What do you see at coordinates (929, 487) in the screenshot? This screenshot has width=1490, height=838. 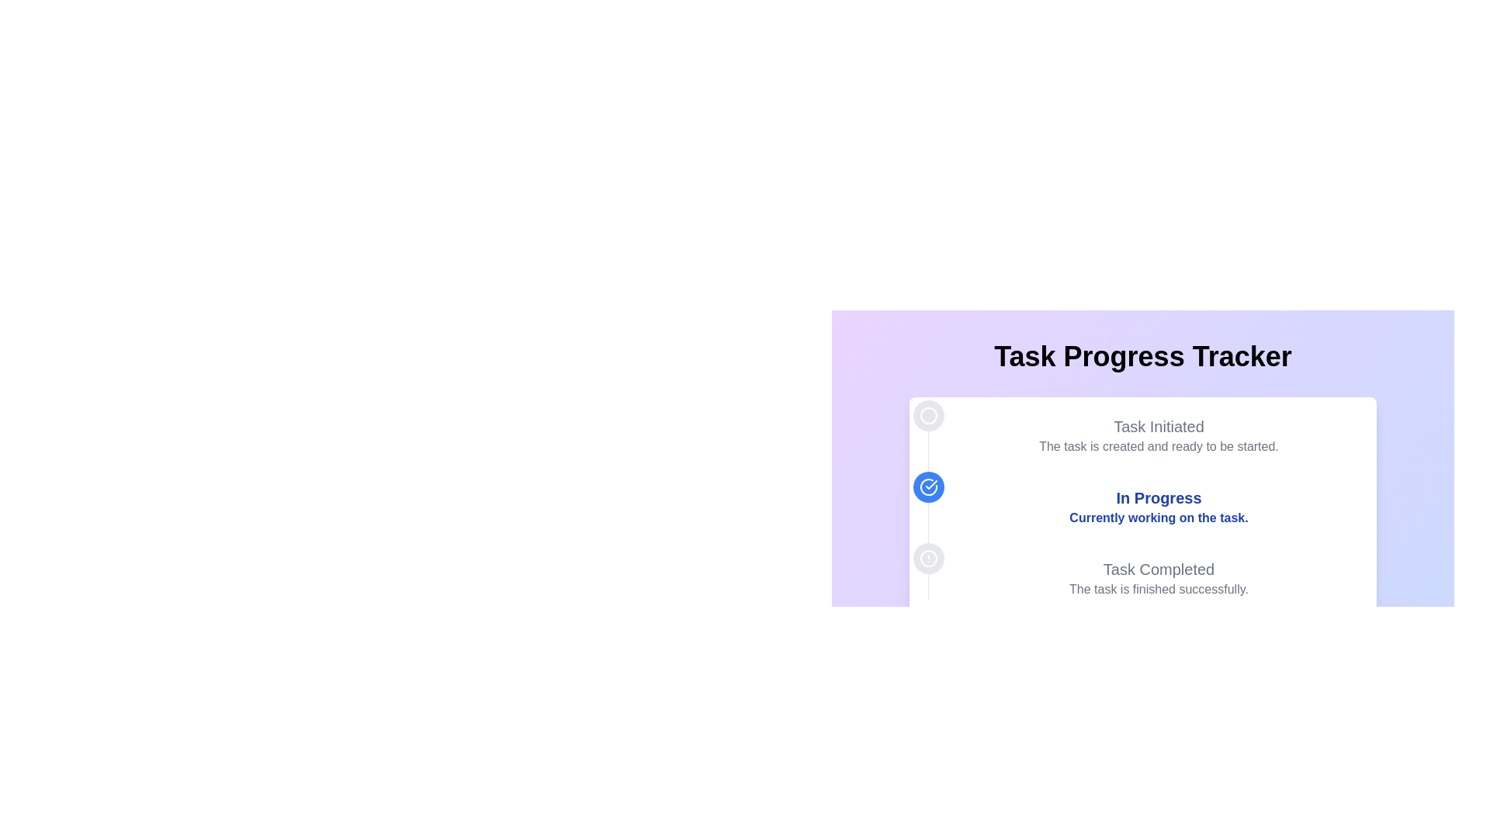 I see `the appearance of the circular icon with a blue background and a white check mark, which is the second step in the vertical progress tracker on the left side of the 'Task Progress Tracker' panel` at bounding box center [929, 487].